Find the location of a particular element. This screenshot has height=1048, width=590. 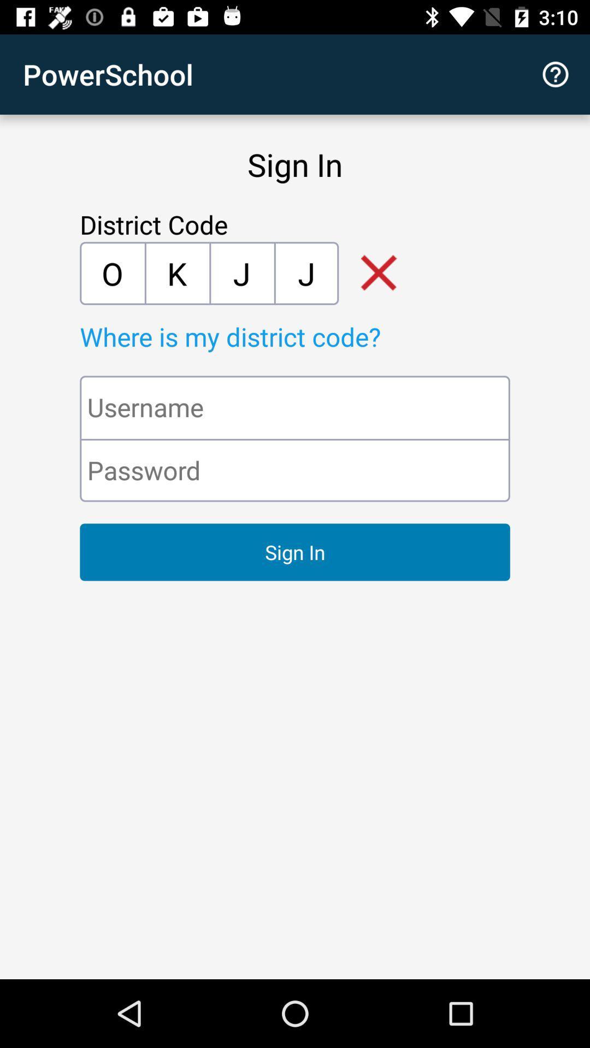

username is located at coordinates (295, 407).